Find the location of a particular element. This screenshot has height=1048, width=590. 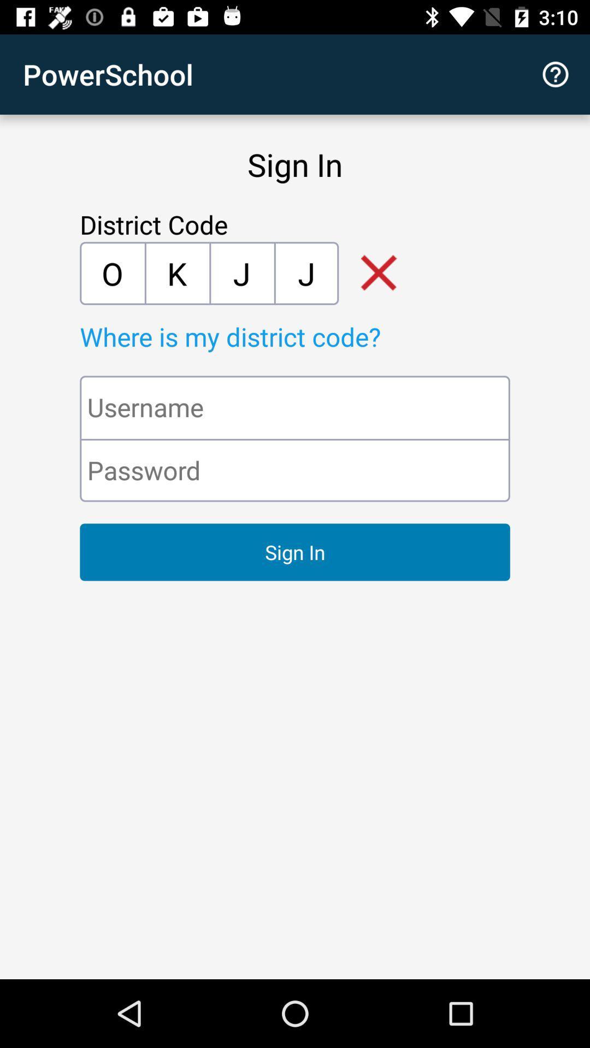

username is located at coordinates (295, 407).